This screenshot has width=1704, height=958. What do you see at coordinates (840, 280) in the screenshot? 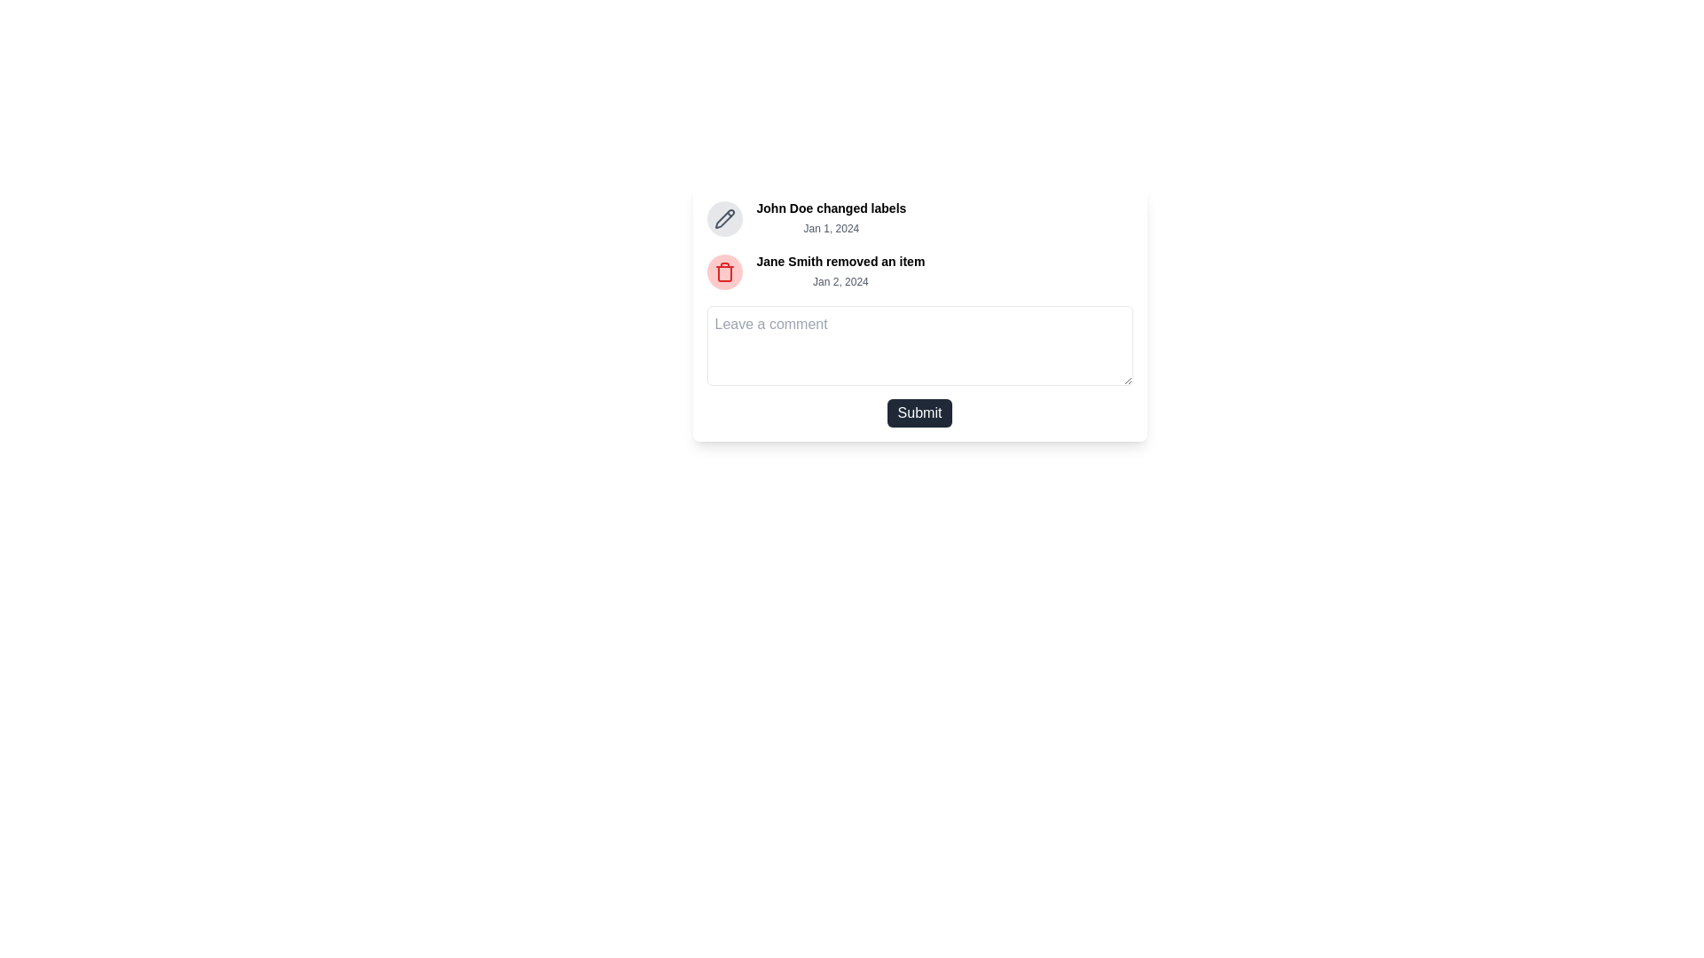
I see `the static text label displaying the date 'Jan 2, 2024', which is styled with a light gray color and a compact sans-serif font, located directly below the primary text 'Jane Smith removed an item'` at bounding box center [840, 280].